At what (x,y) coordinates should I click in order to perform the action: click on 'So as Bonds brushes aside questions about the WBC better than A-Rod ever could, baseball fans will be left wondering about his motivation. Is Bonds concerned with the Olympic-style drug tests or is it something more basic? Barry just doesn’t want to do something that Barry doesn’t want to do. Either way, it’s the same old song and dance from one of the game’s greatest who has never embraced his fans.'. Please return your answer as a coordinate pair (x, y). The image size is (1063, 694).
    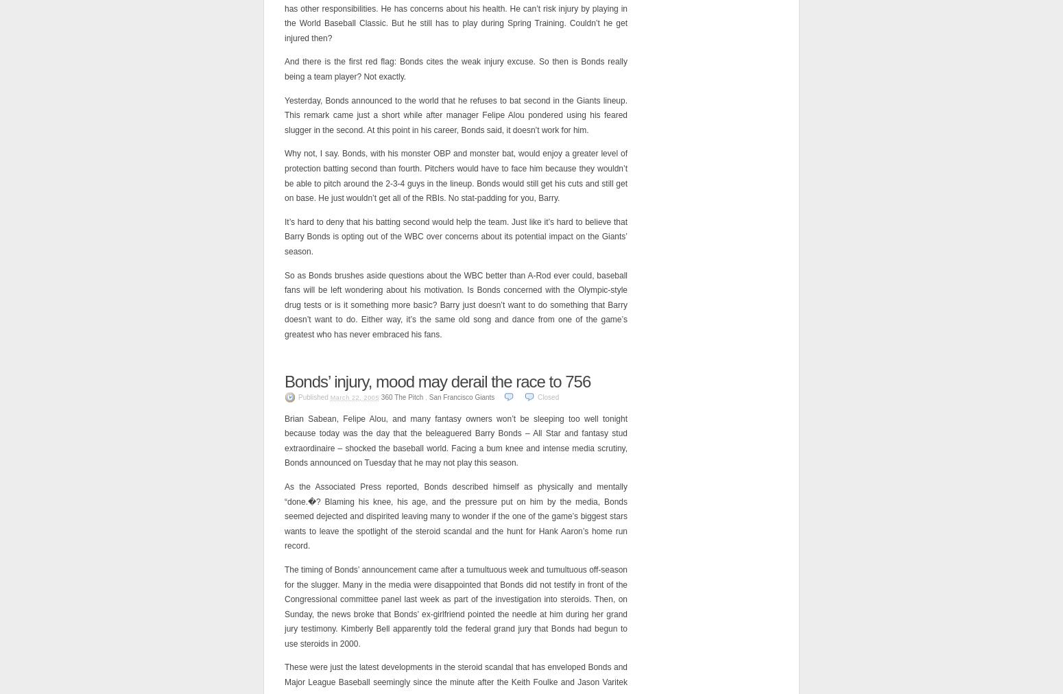
    Looking at the image, I should click on (455, 304).